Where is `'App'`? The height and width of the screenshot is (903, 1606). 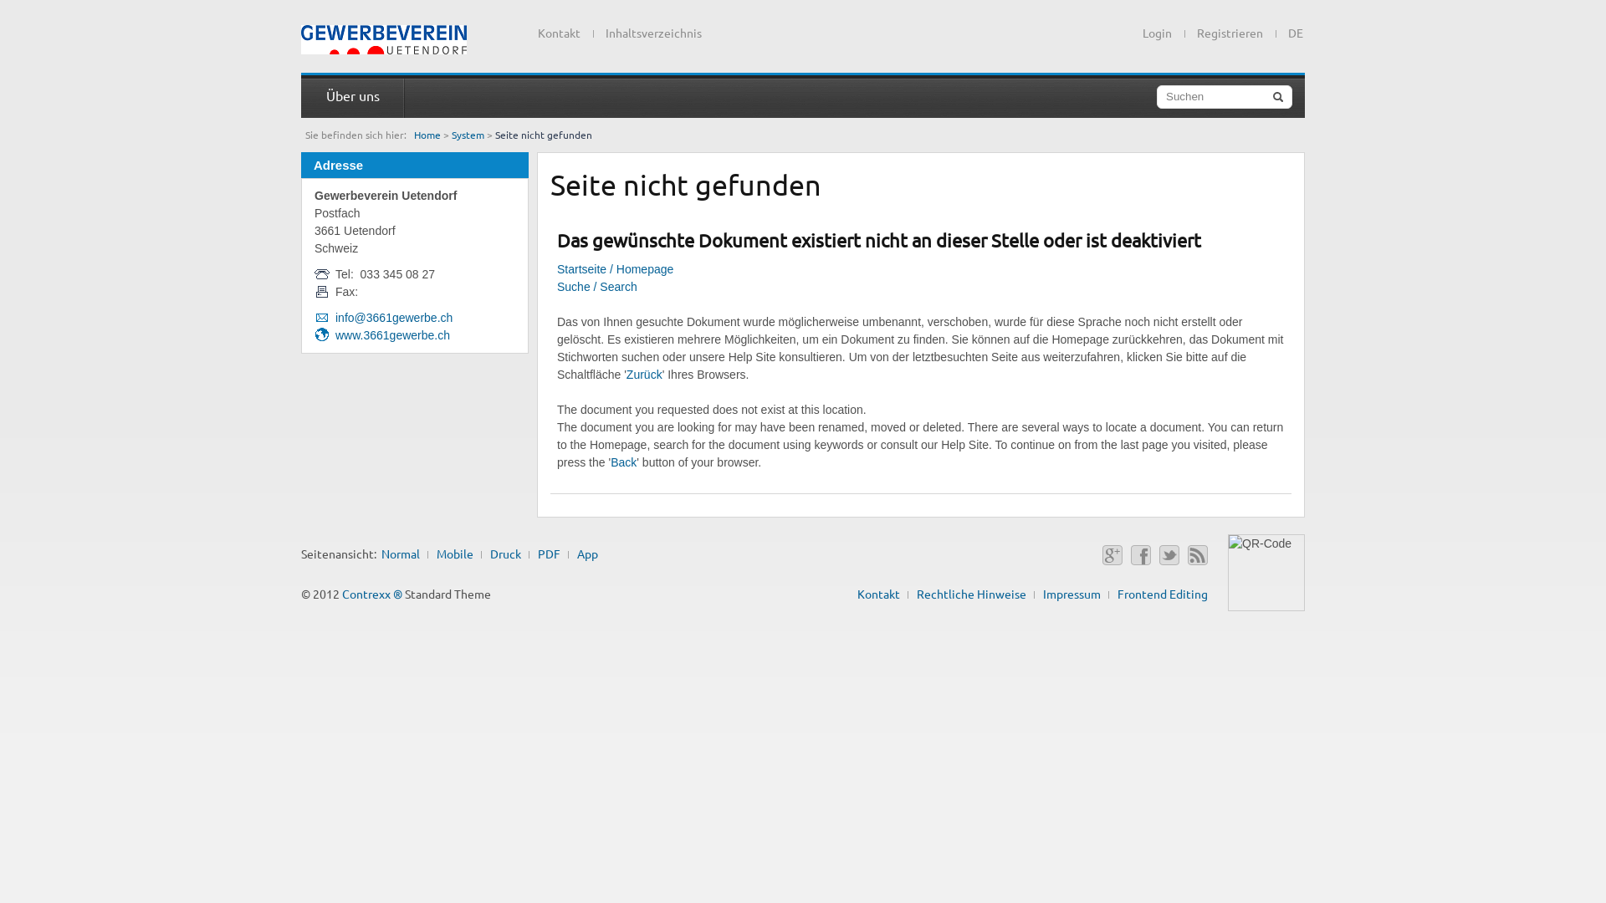 'App' is located at coordinates (587, 554).